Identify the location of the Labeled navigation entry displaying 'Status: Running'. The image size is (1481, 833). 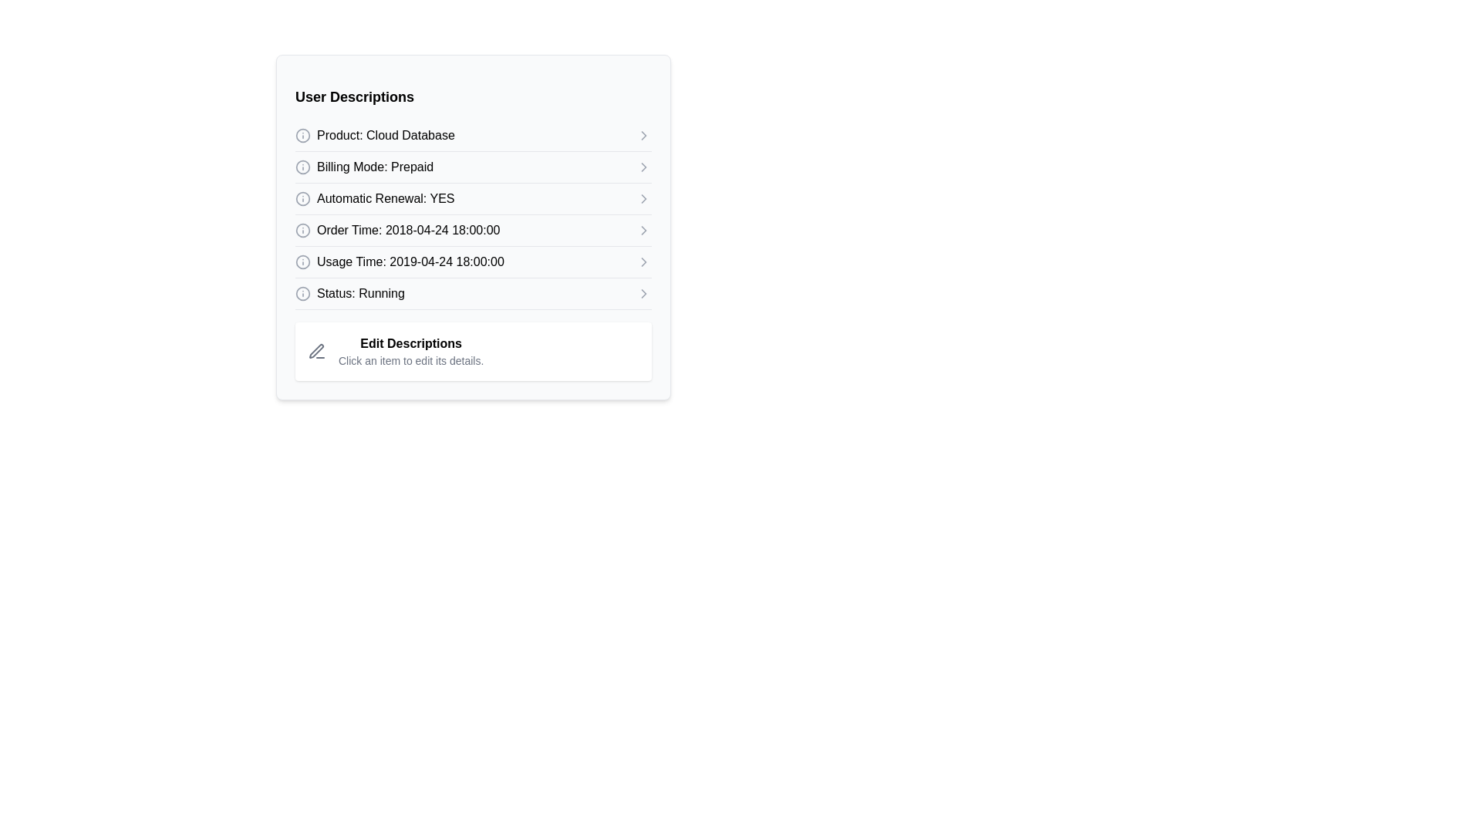
(473, 294).